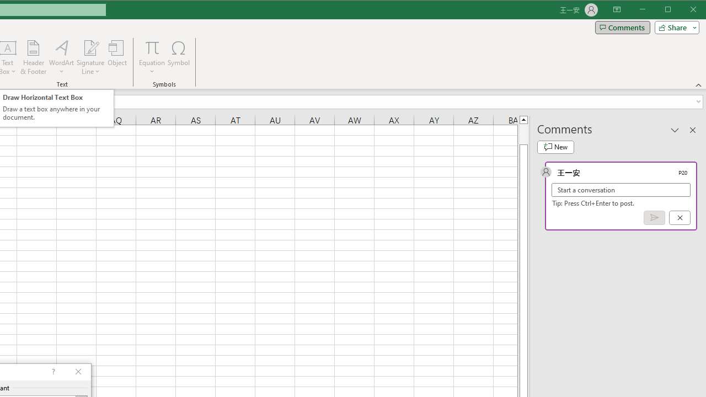 The width and height of the screenshot is (706, 397). I want to click on 'Object...', so click(117, 57).